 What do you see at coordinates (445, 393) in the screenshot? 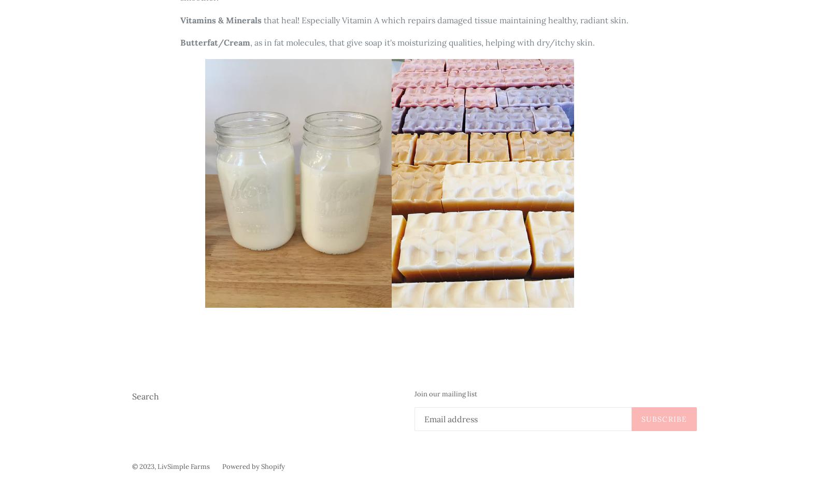
I see `'Join our mailing list'` at bounding box center [445, 393].